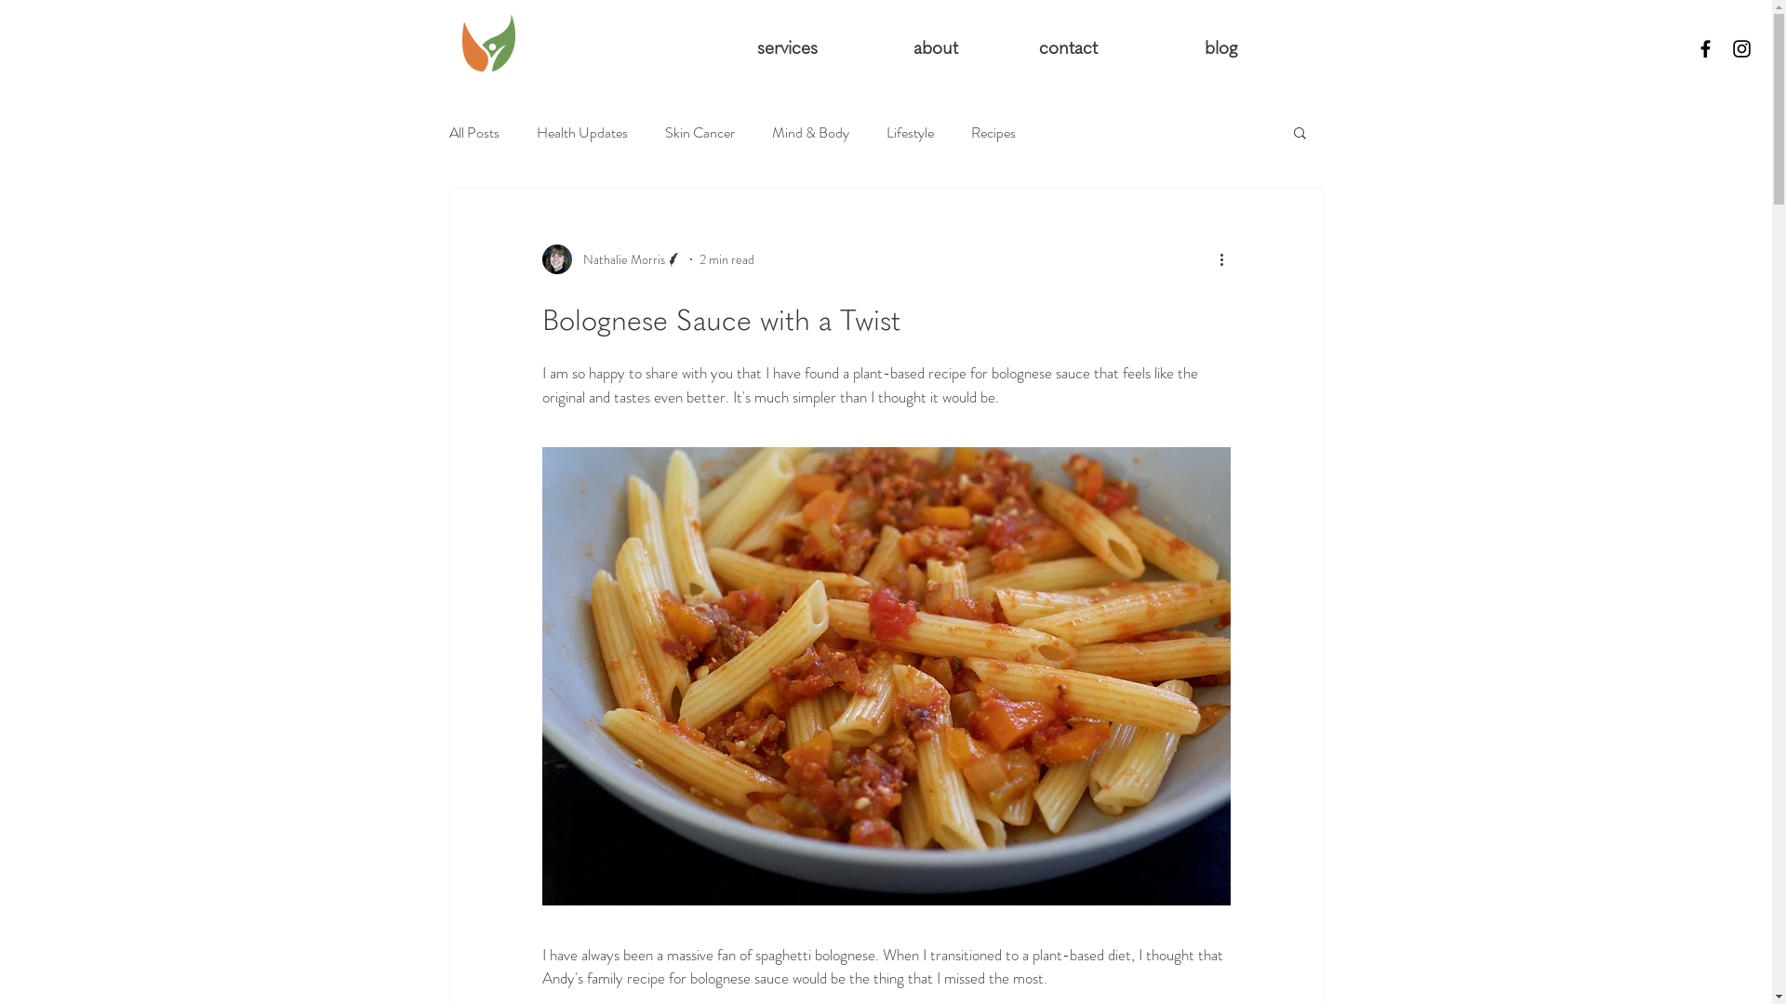 The height and width of the screenshot is (1004, 1786). I want to click on 'about', so click(830, 46).